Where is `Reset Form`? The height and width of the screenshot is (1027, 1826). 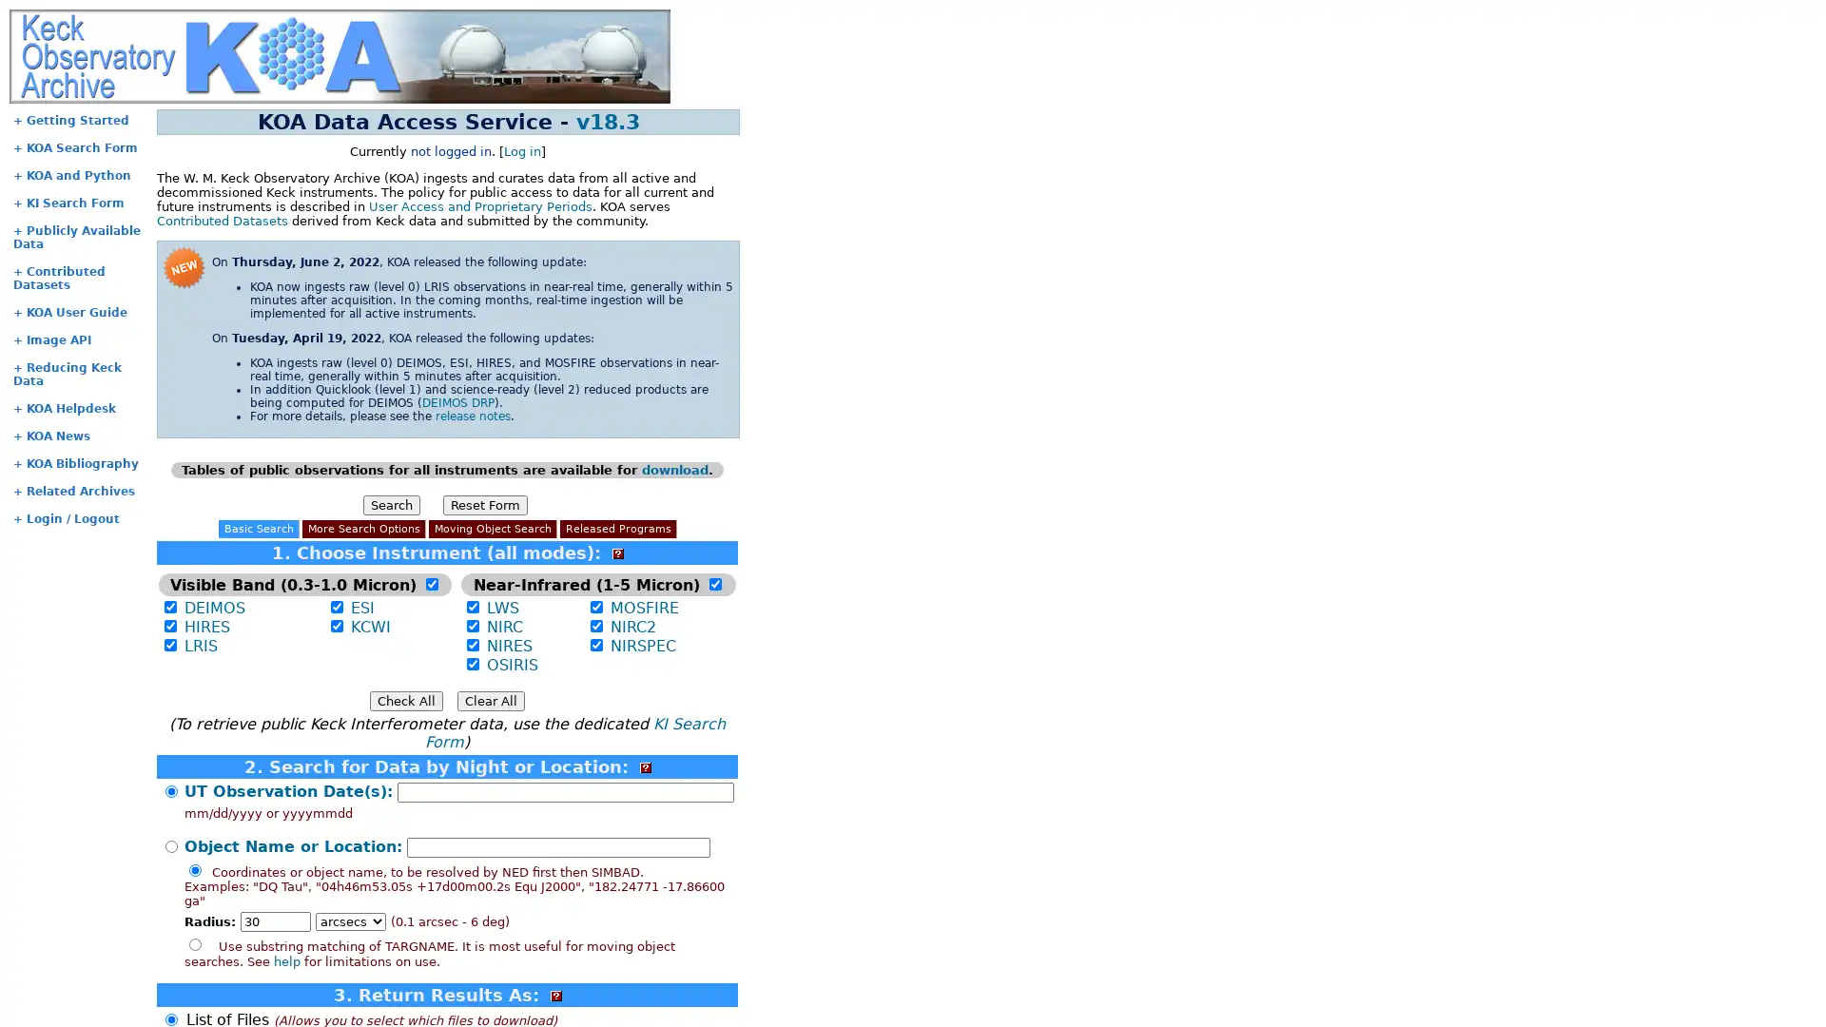
Reset Form is located at coordinates (485, 504).